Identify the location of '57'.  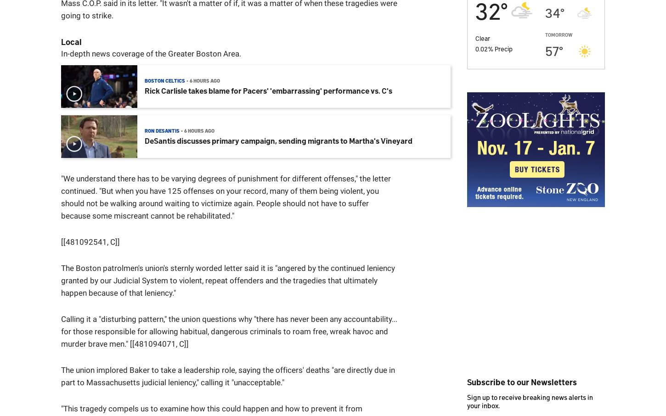
(552, 49).